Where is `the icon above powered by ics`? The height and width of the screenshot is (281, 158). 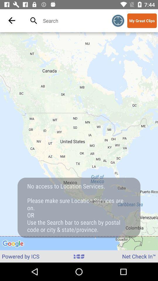
the icon above powered by ics is located at coordinates (79, 141).